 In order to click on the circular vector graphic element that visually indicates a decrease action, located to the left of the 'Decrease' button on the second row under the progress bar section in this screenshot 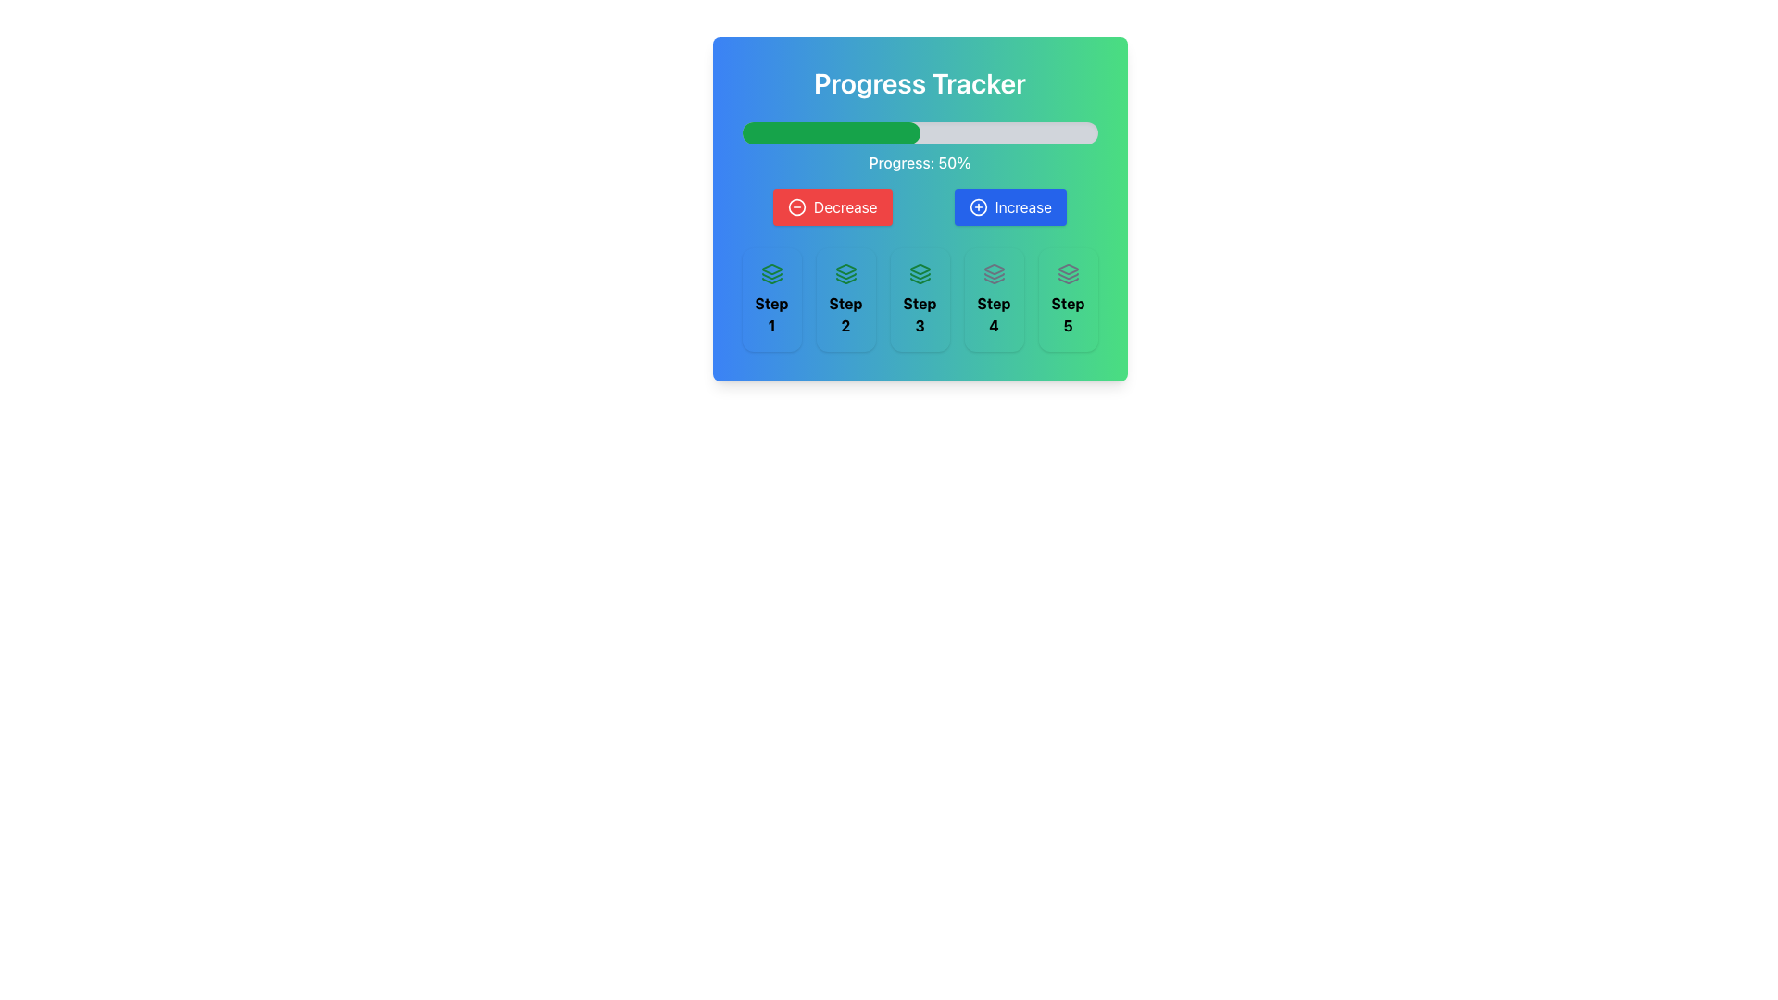, I will do `click(796, 206)`.